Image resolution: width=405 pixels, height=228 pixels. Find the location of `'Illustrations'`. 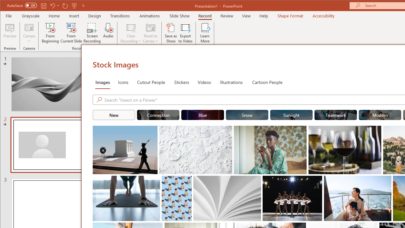

'Illustrations' is located at coordinates (231, 81).